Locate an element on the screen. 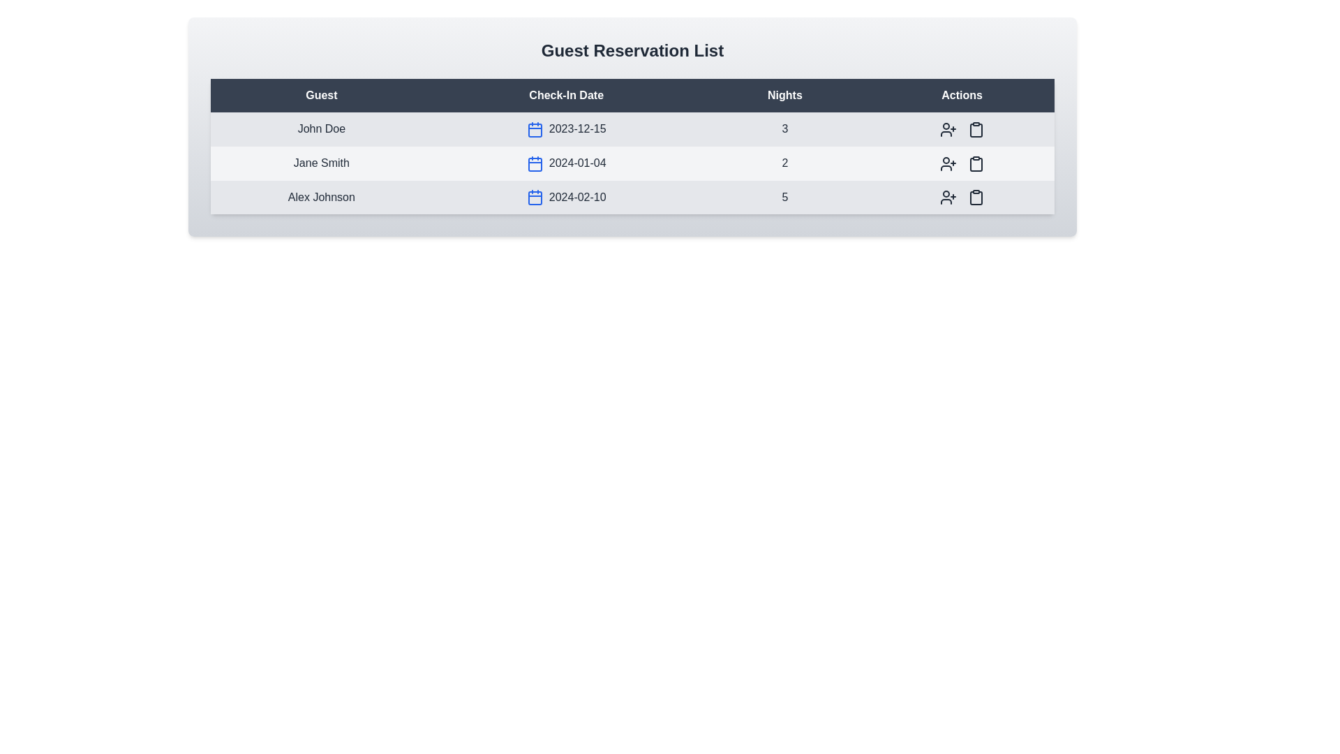 The height and width of the screenshot is (754, 1340). the Icon button in the first row of the 'Actions' column is located at coordinates (948, 129).